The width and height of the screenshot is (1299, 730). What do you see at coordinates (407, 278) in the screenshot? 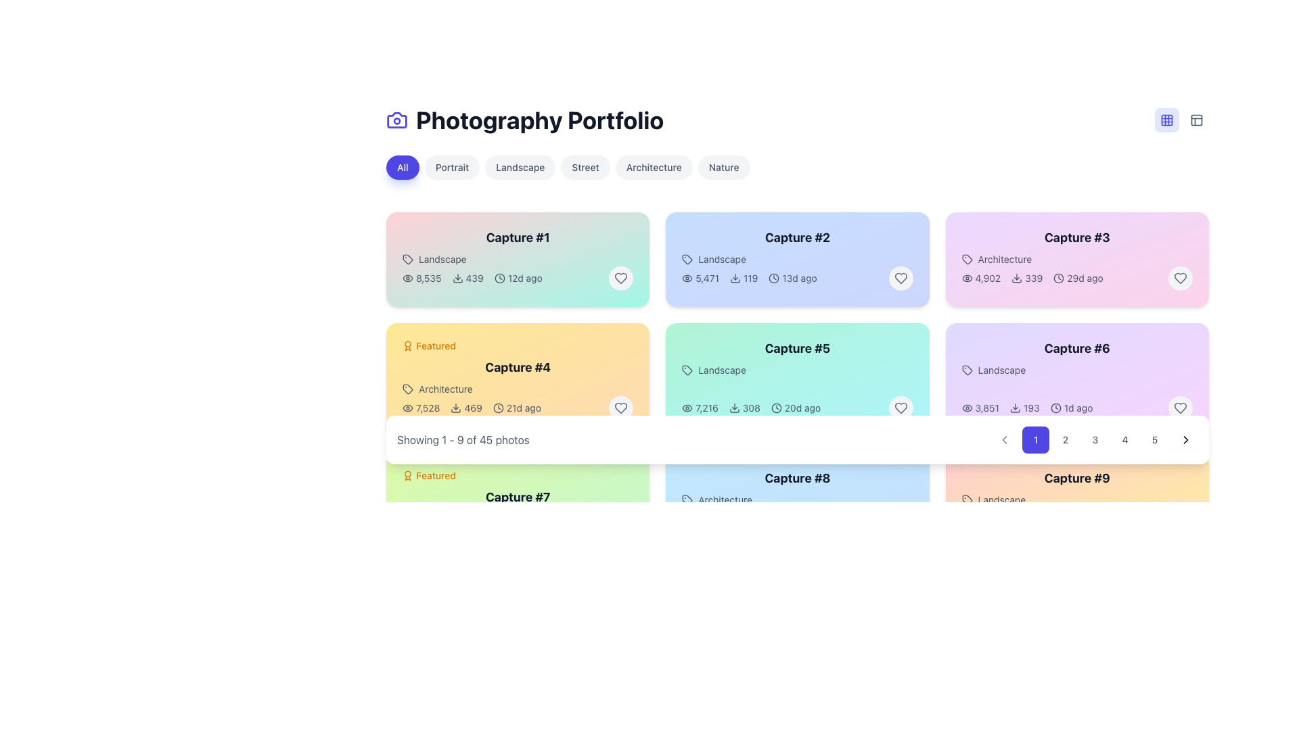
I see `the eye icon located to the left of the number '8,535' in the 'Capture #1' panel for informational purposes` at bounding box center [407, 278].